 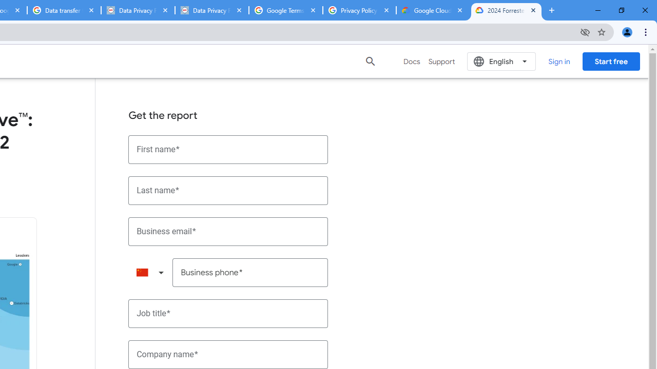 I want to click on 'Google Cloud Privacy Notice', so click(x=433, y=10).